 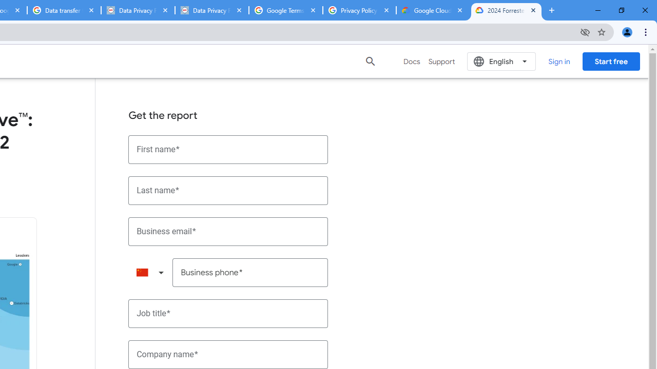 I want to click on 'Google Cloud Privacy Notice', so click(x=433, y=10).